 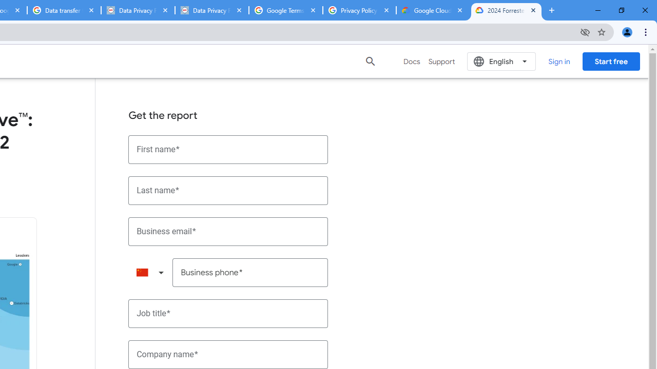 I want to click on 'Google Cloud Privacy Notice', so click(x=433, y=10).